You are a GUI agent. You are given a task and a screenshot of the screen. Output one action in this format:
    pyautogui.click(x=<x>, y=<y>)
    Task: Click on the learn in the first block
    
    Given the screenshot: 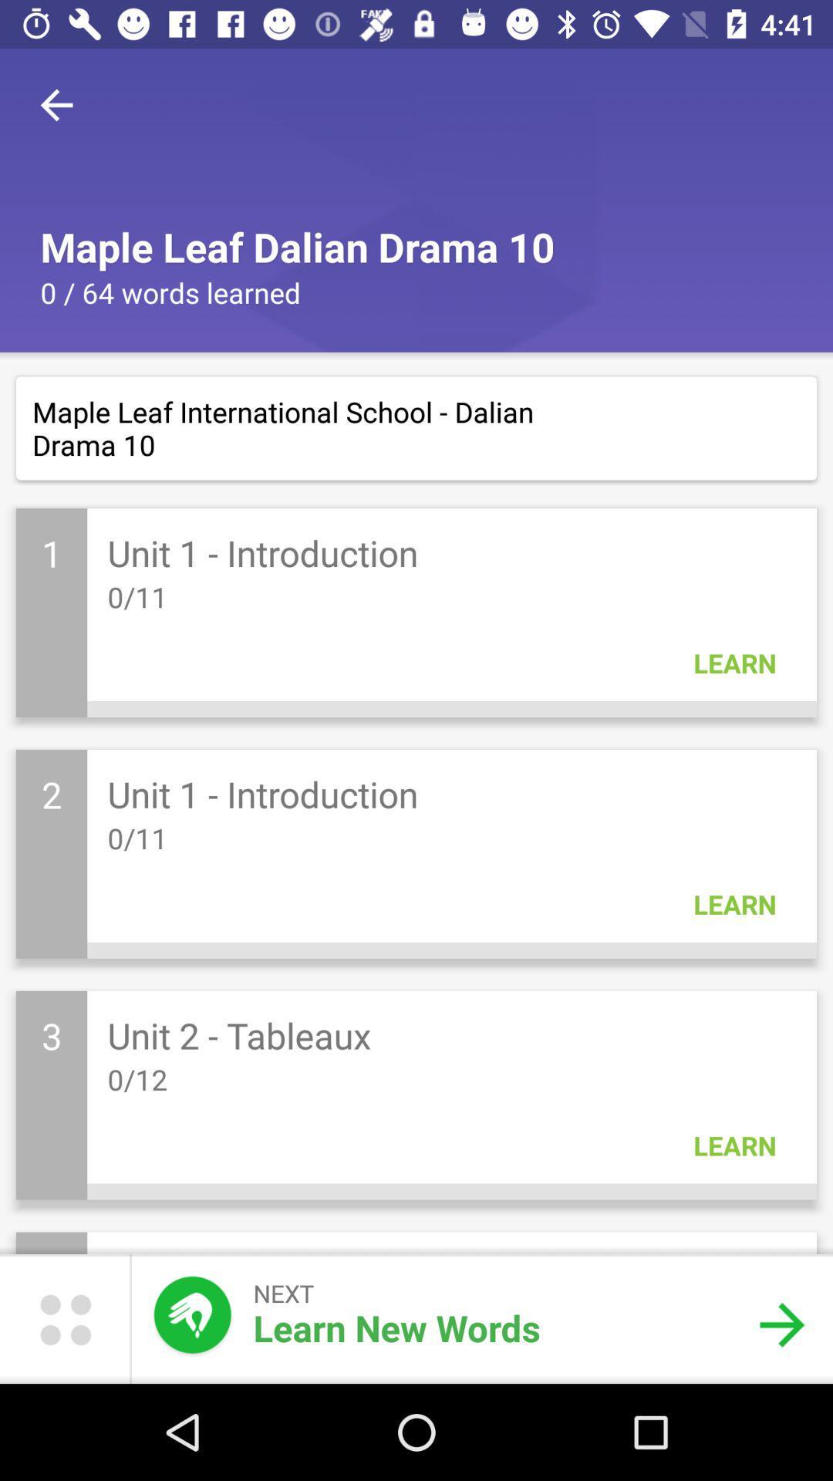 What is the action you would take?
    pyautogui.click(x=734, y=663)
    